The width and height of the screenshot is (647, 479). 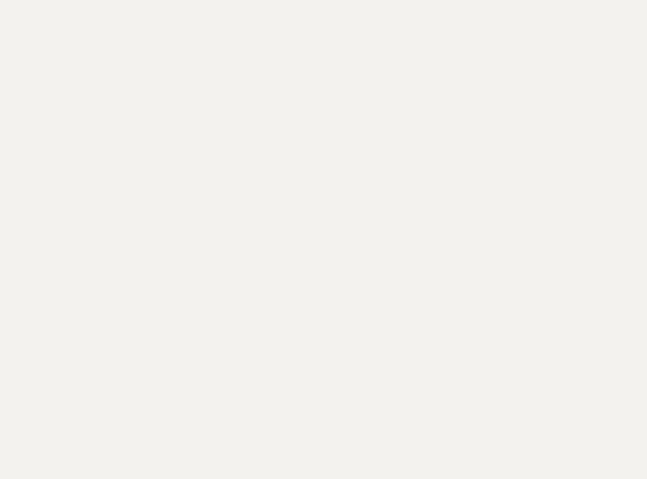 What do you see at coordinates (274, 98) in the screenshot?
I see `'You'll be able to save on "the Best Books of the Year" — including BookTok favourites — along with home decor, stationery, kids toys, holiday products and more.'` at bounding box center [274, 98].